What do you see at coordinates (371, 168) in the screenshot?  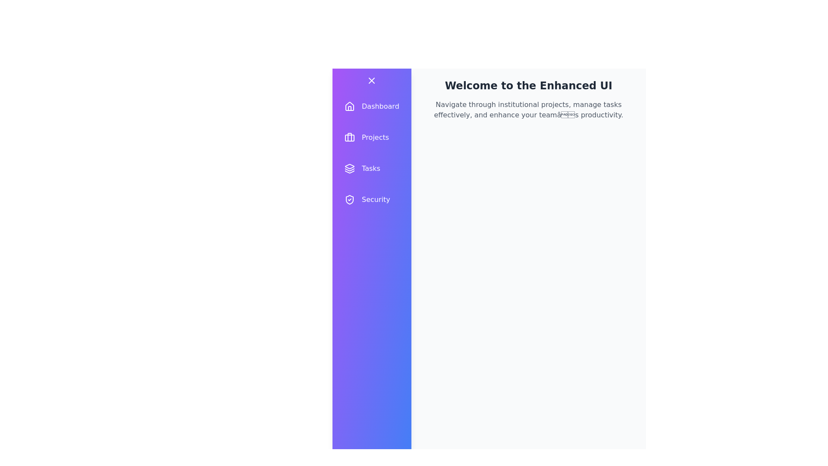 I see `the 'Tasks' text label in the left vertical navigation bar` at bounding box center [371, 168].